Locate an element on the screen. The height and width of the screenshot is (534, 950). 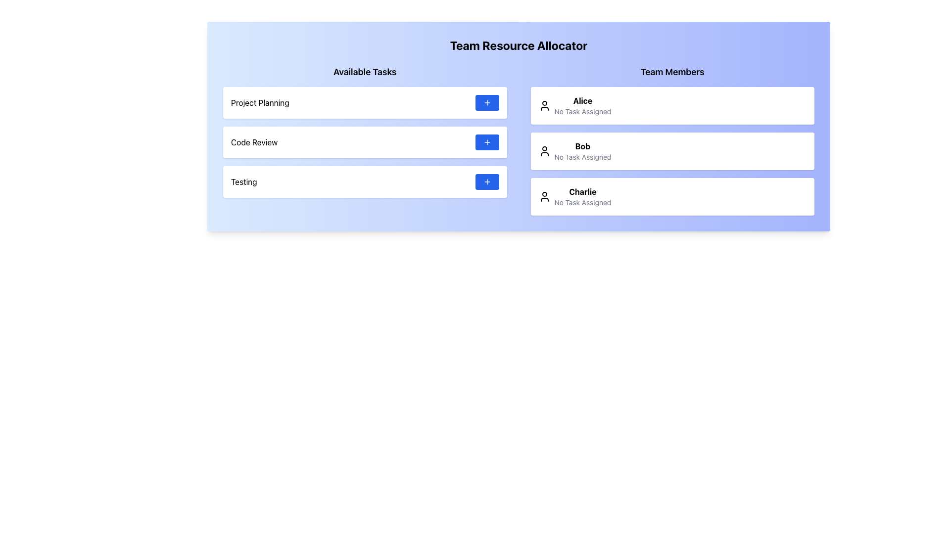
text element displaying 'Bob' in bold, which is the second item in the 'Team Members' list is located at coordinates (582, 151).